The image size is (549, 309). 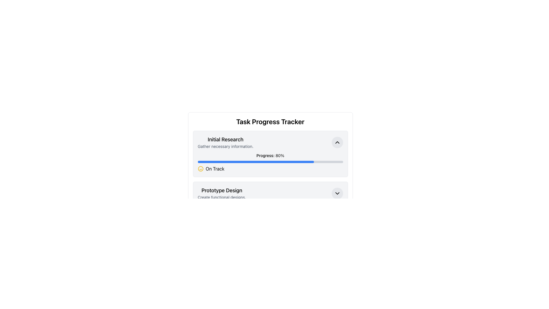 What do you see at coordinates (337, 193) in the screenshot?
I see `the interactive toggle button located to the far right in the same row as the text 'Prototype Design' and 'Create functional designs.'` at bounding box center [337, 193].